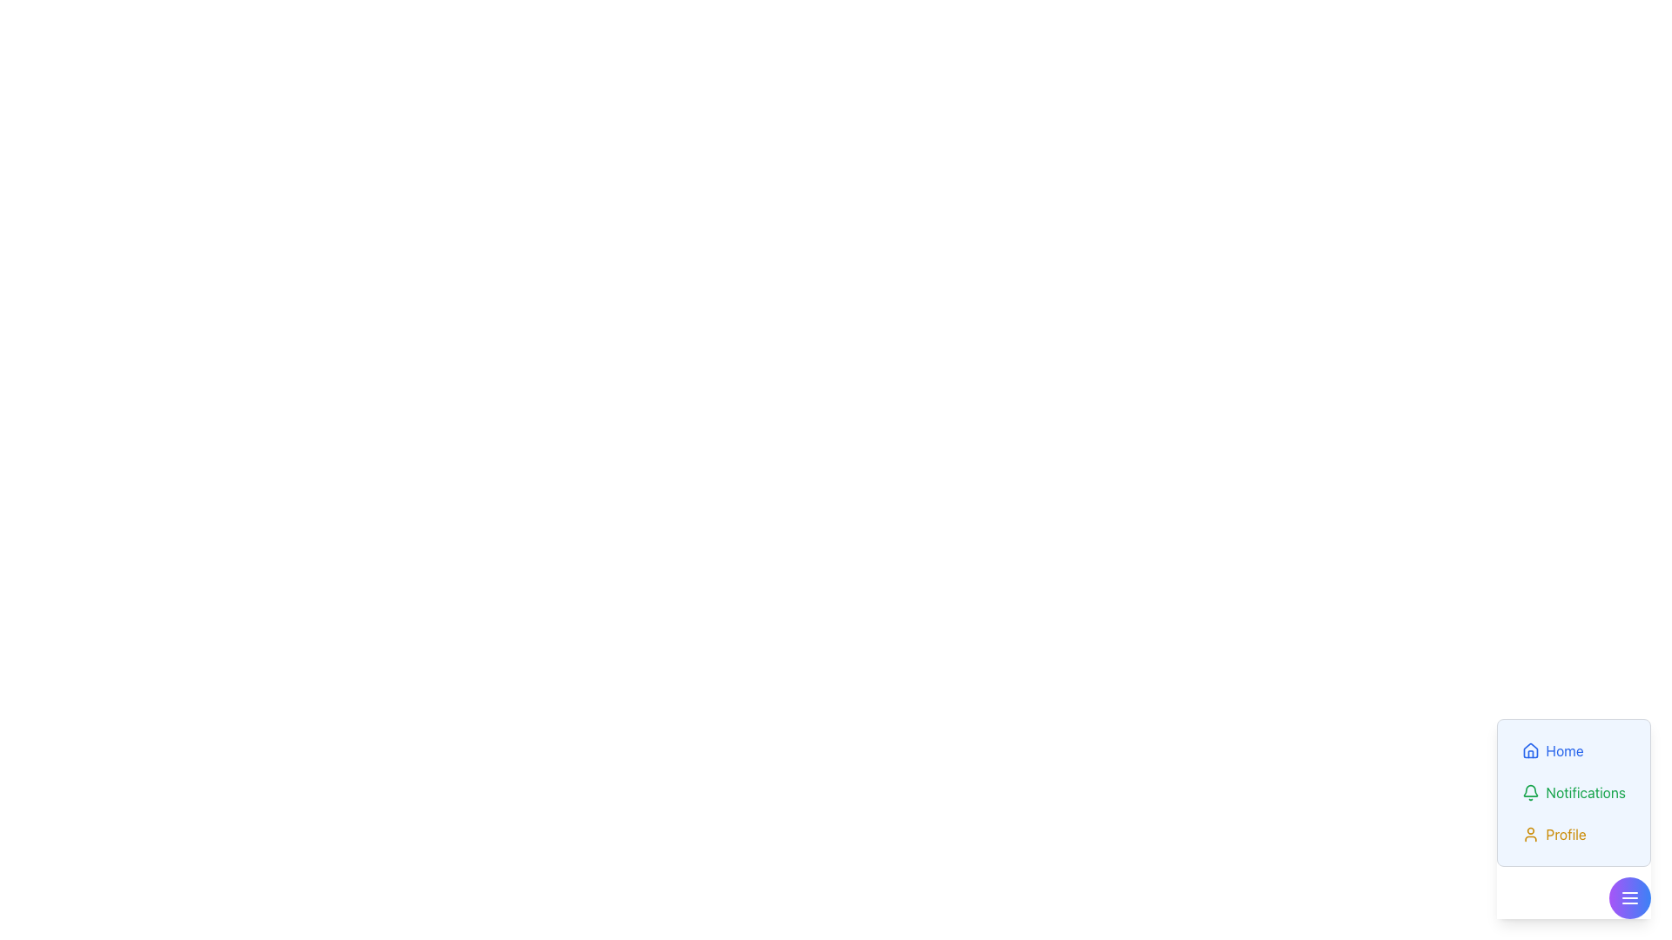  Describe the element at coordinates (1529, 750) in the screenshot. I see `the 'Home' menu icon located to the left of the text label 'Home' in the top section of the vertical menu list` at that location.